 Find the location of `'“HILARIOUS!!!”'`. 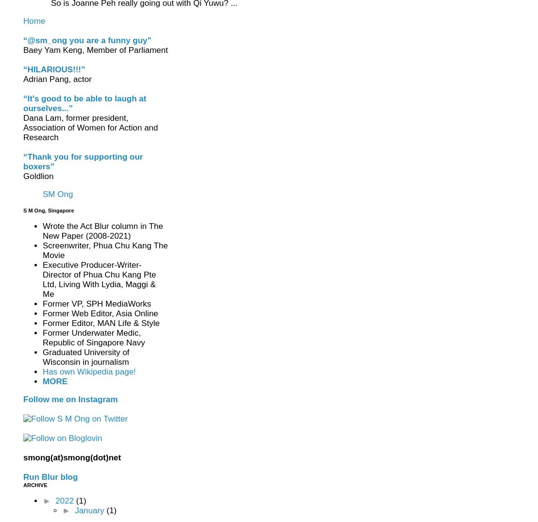

'“HILARIOUS!!!”' is located at coordinates (22, 69).